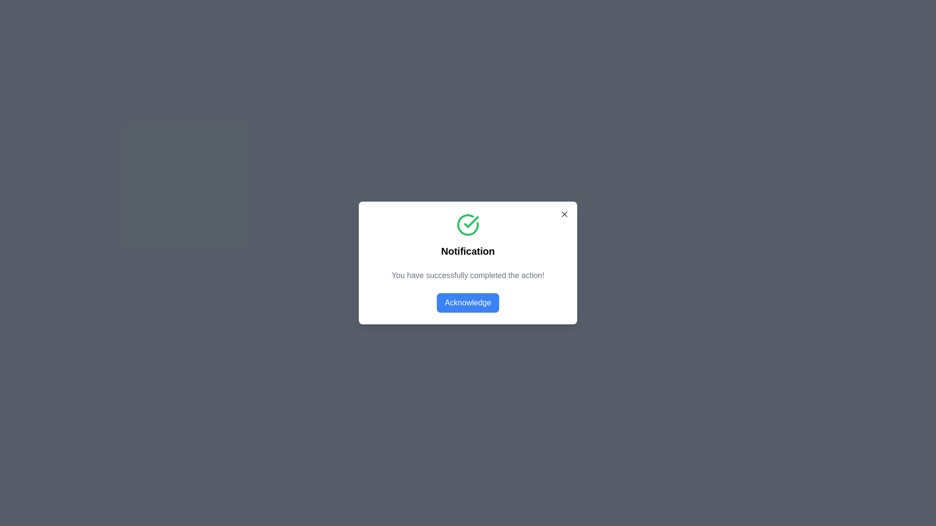 The width and height of the screenshot is (936, 526). What do you see at coordinates (468, 251) in the screenshot?
I see `the bold, large-sized text element displaying 'Notification' within the centered modal dialog` at bounding box center [468, 251].